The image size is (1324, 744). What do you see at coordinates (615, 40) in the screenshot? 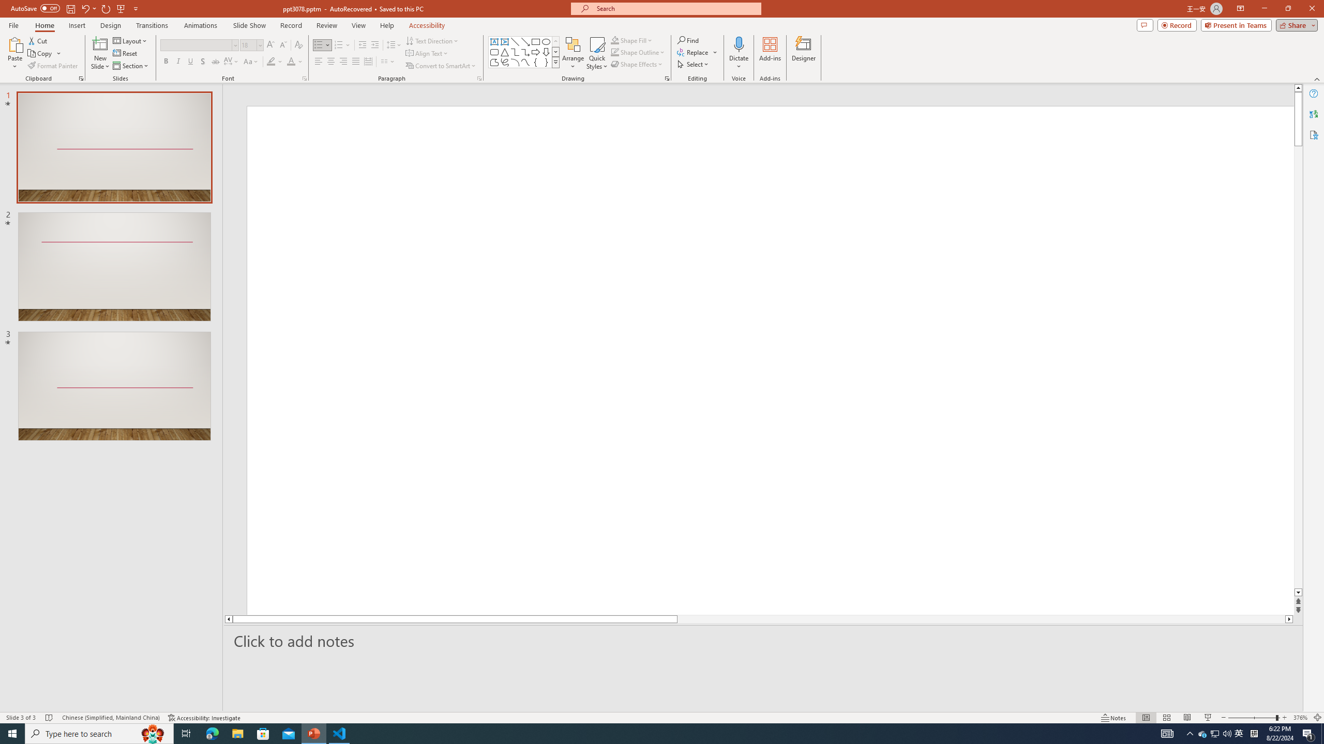
I see `'Shape Fill Dark Green, Accent 2'` at bounding box center [615, 40].